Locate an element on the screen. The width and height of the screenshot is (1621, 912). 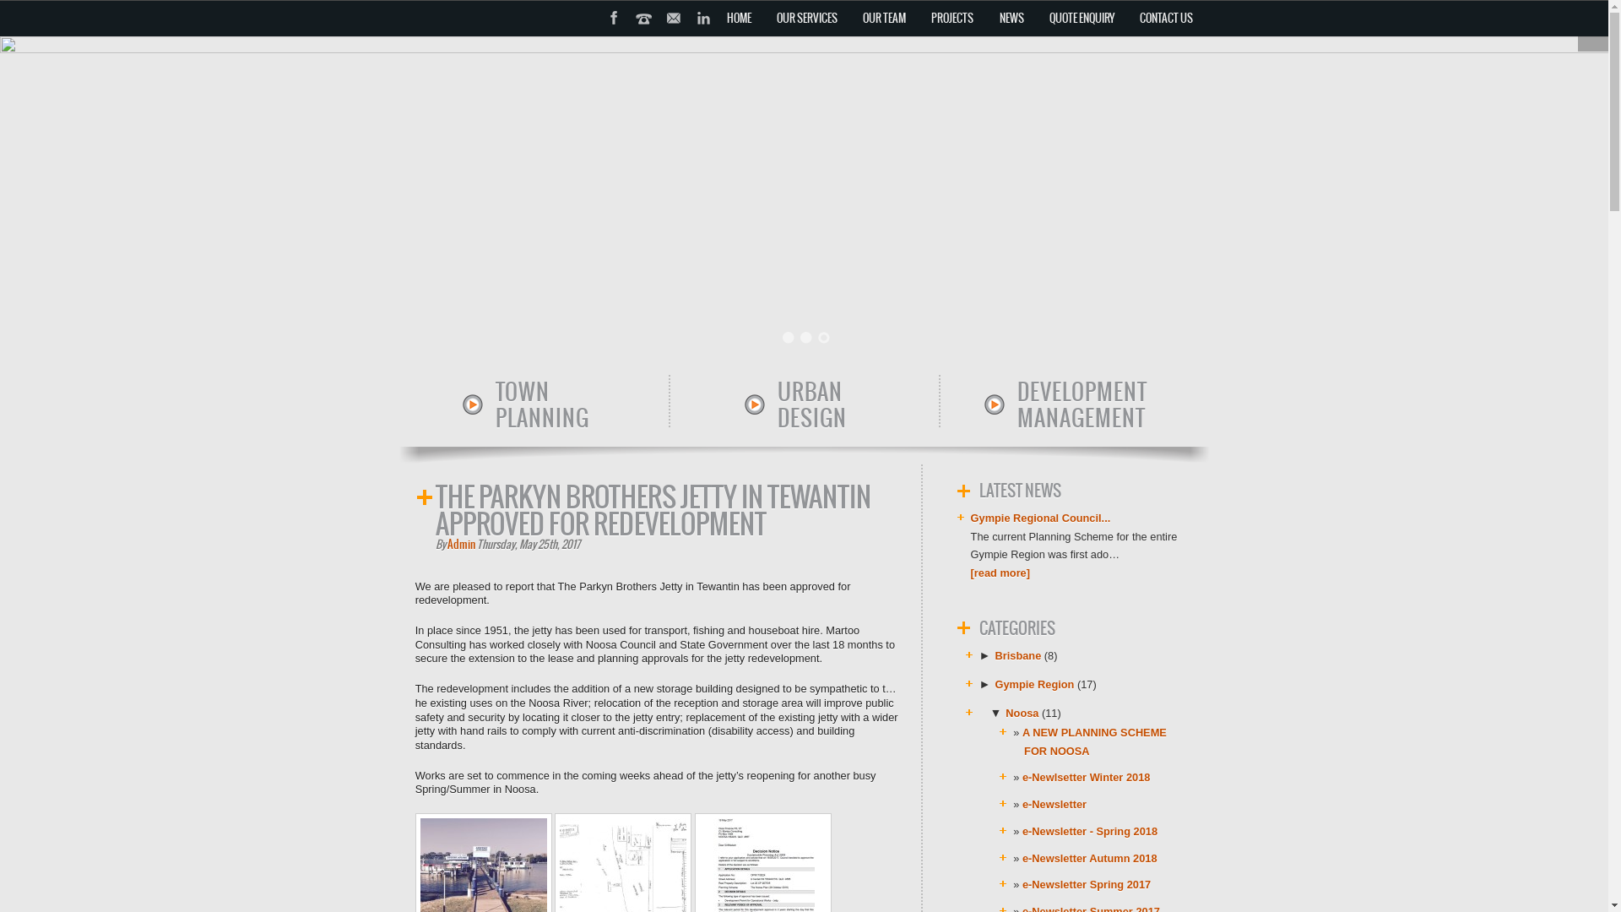
'QUOTE ENQUIRY' is located at coordinates (1081, 19).